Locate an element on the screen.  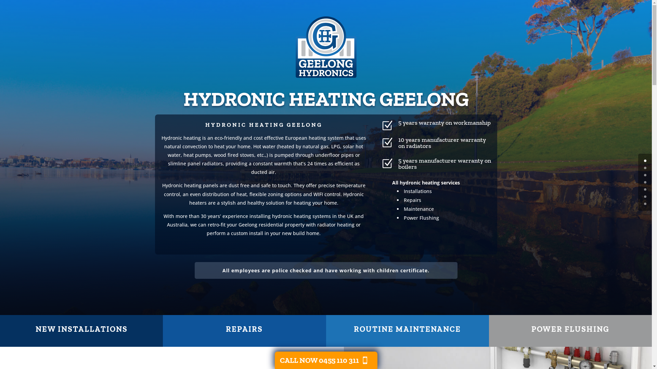
'Hydronic Heating Geelong' is located at coordinates (295, 46).